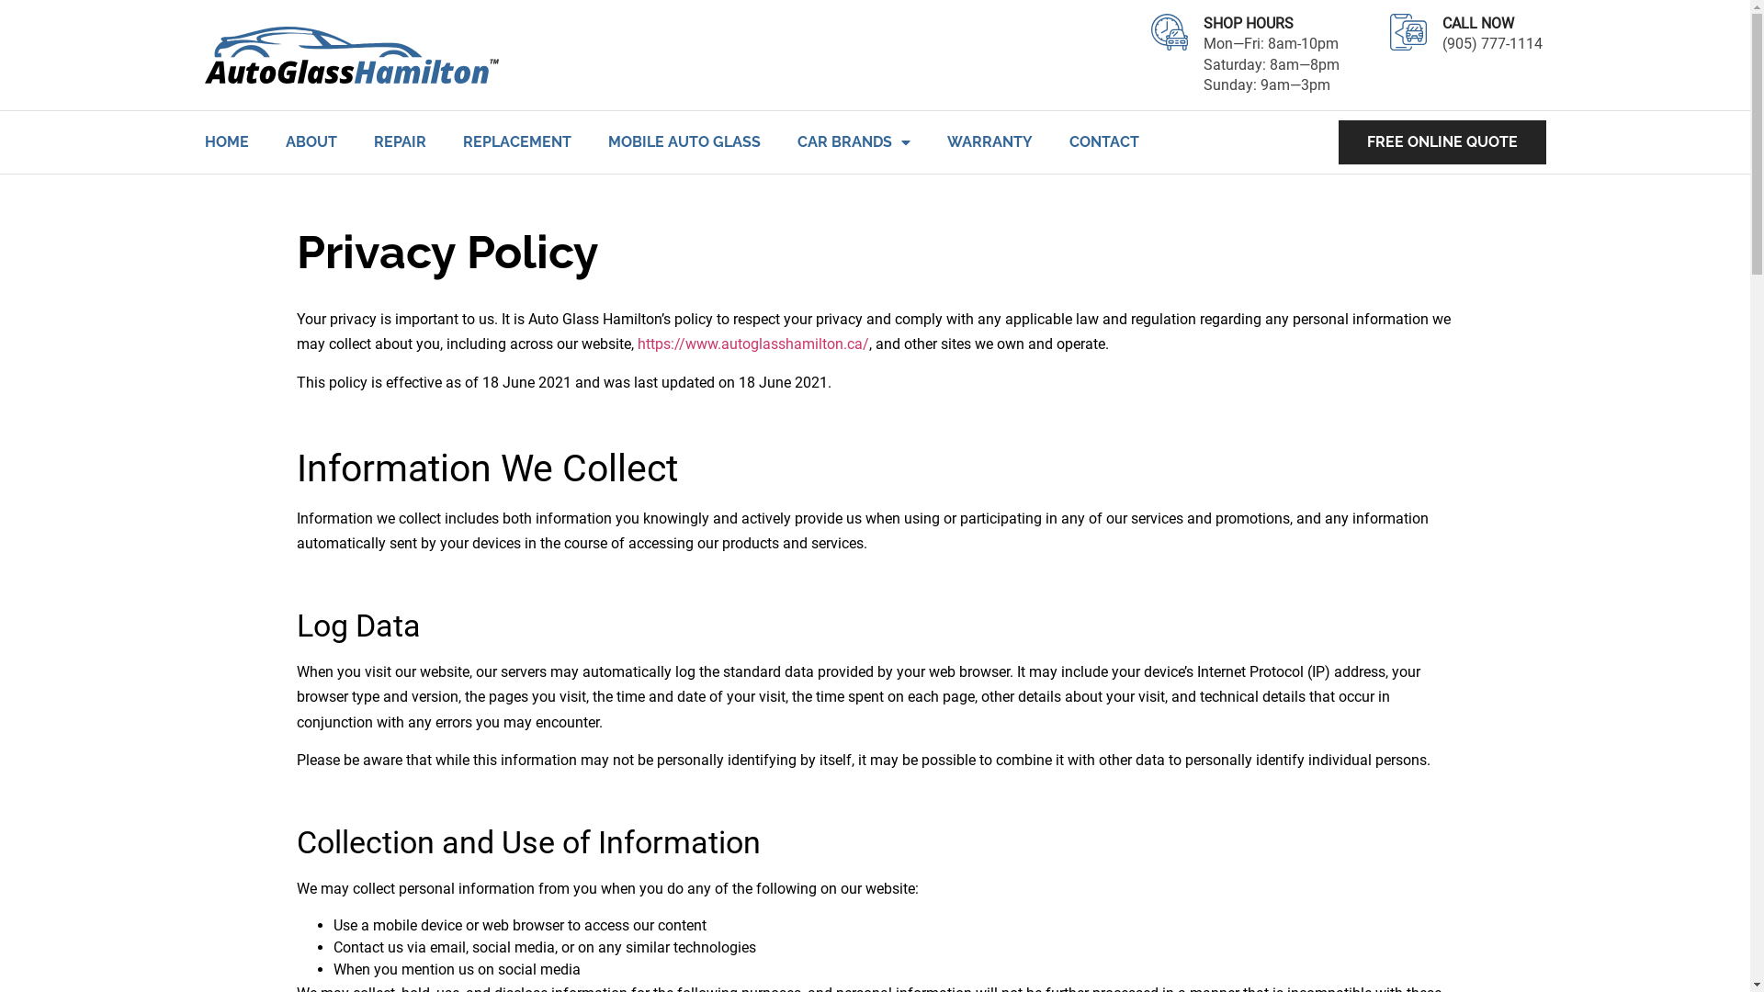 The image size is (1764, 992). I want to click on 'ABOUT', so click(310, 141).